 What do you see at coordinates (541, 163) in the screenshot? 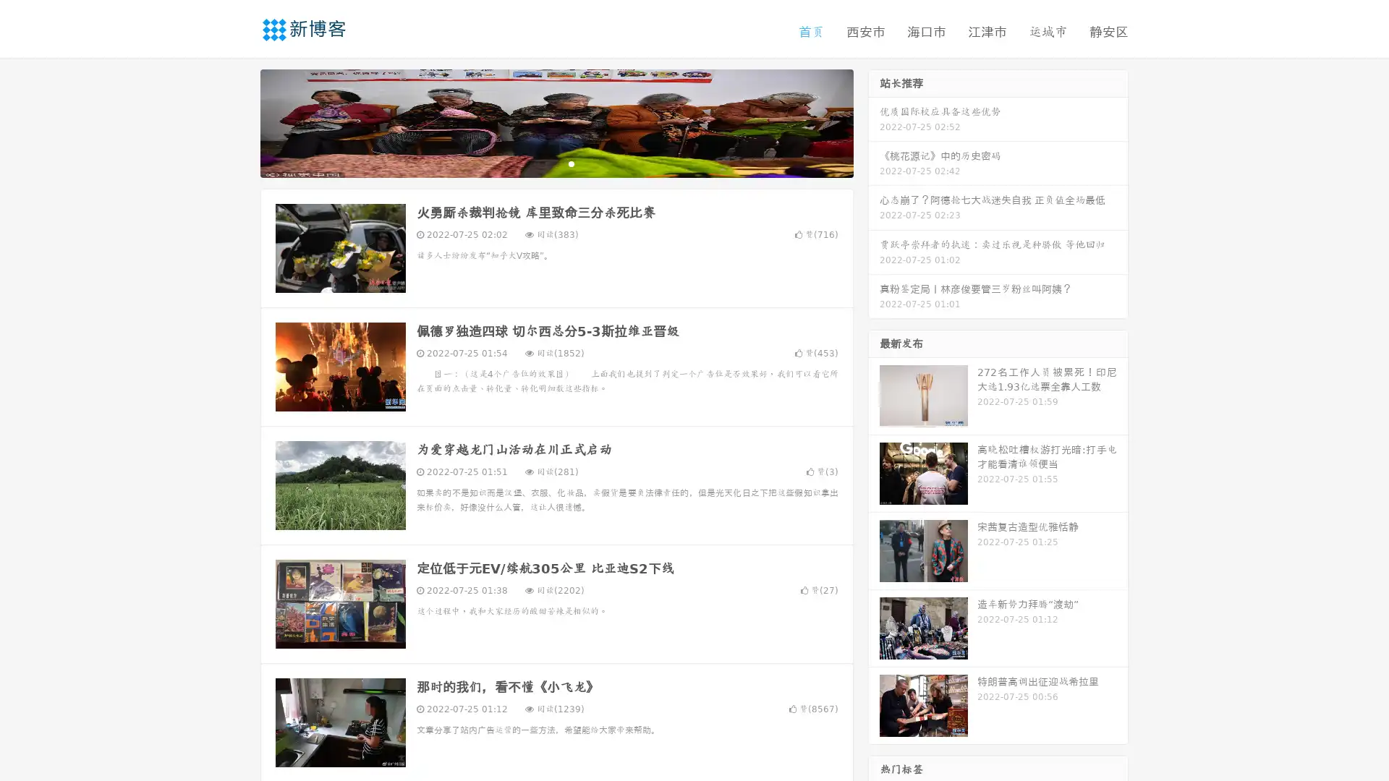
I see `Go to slide 1` at bounding box center [541, 163].